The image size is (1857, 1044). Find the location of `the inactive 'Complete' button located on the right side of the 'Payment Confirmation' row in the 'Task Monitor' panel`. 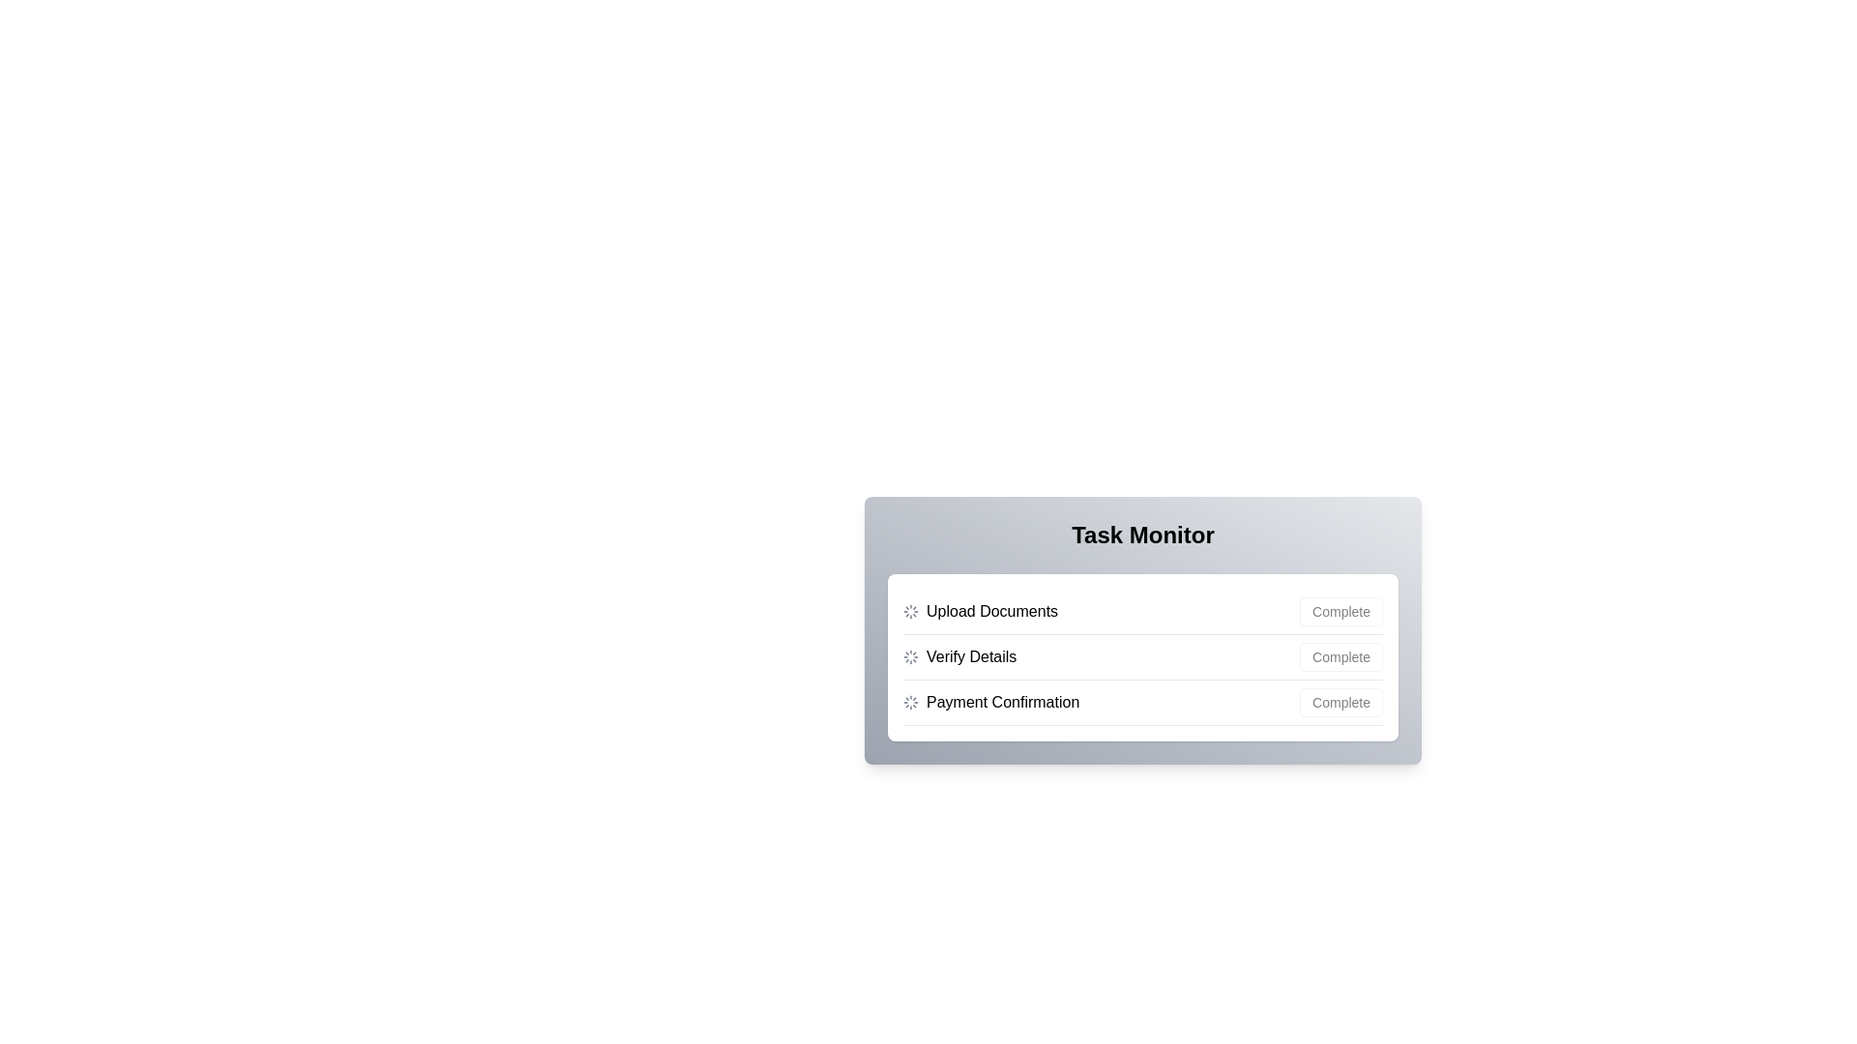

the inactive 'Complete' button located on the right side of the 'Payment Confirmation' row in the 'Task Monitor' panel is located at coordinates (1341, 702).